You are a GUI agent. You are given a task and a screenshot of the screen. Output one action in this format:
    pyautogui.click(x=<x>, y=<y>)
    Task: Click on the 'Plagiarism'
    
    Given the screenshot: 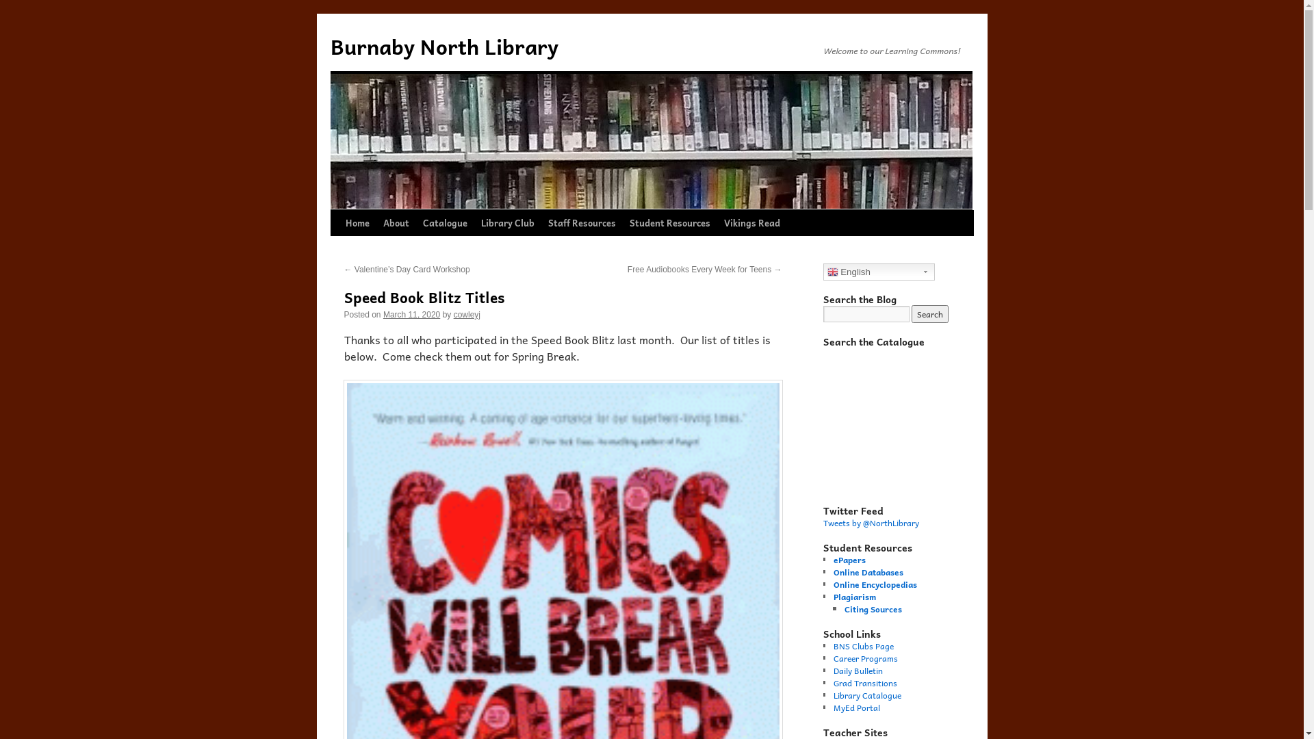 What is the action you would take?
    pyautogui.click(x=853, y=595)
    